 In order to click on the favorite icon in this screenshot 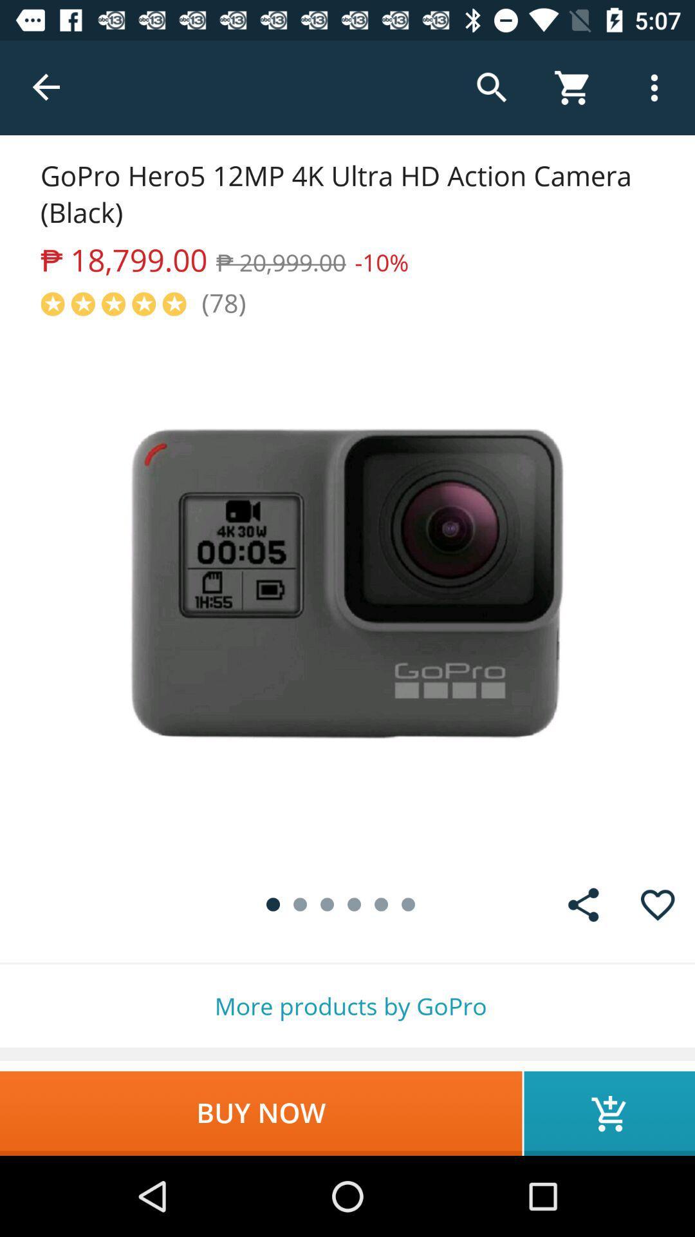, I will do `click(658, 904)`.